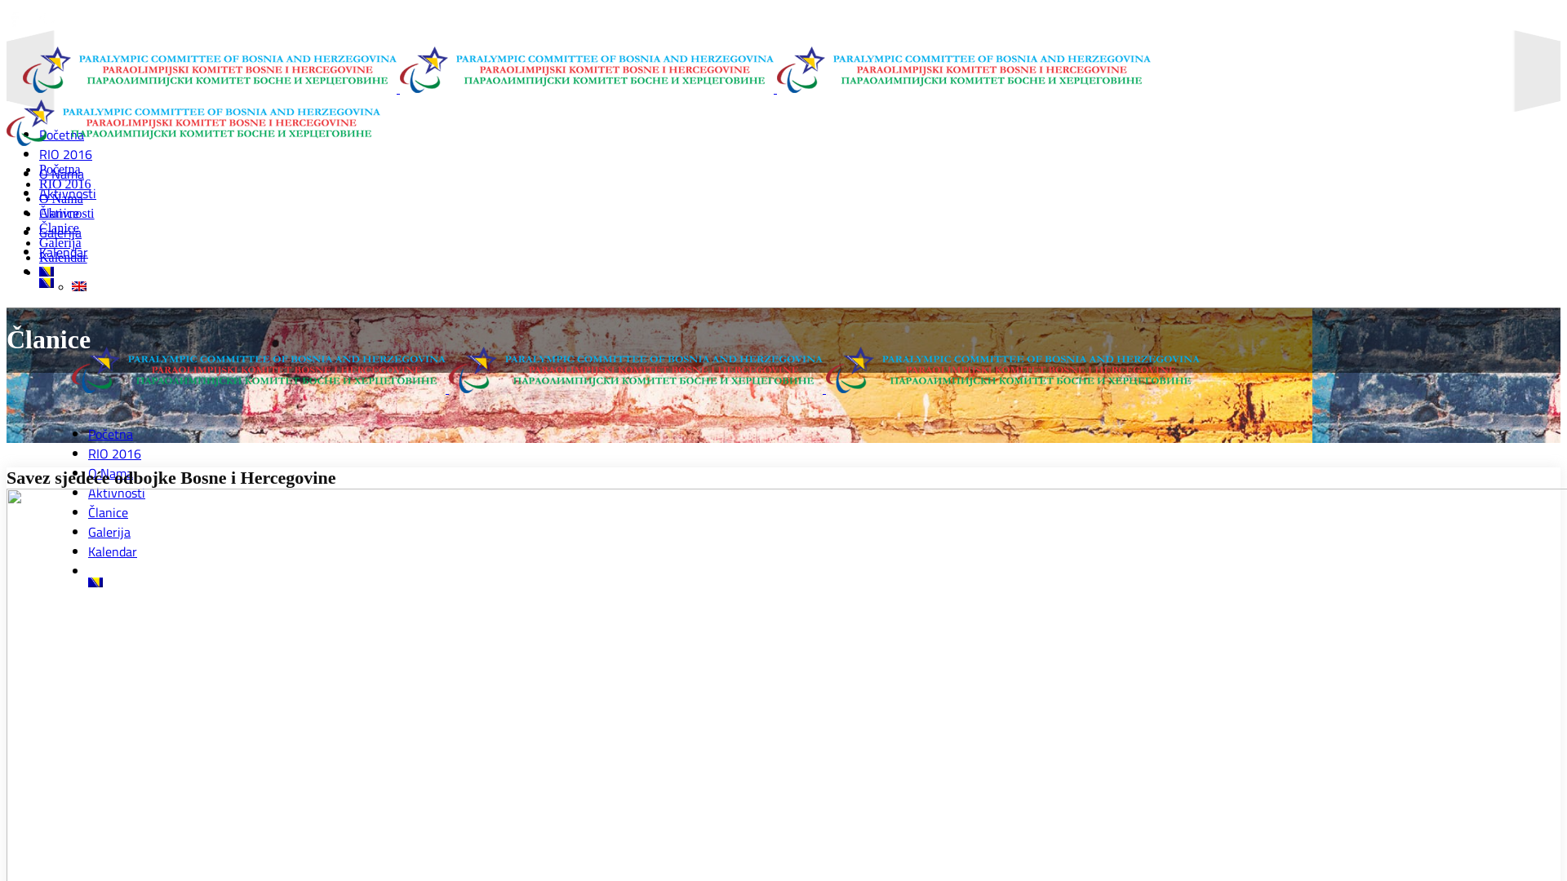 Image resolution: width=1567 pixels, height=881 pixels. Describe the element at coordinates (63, 257) in the screenshot. I see `'Kalendar'` at that location.